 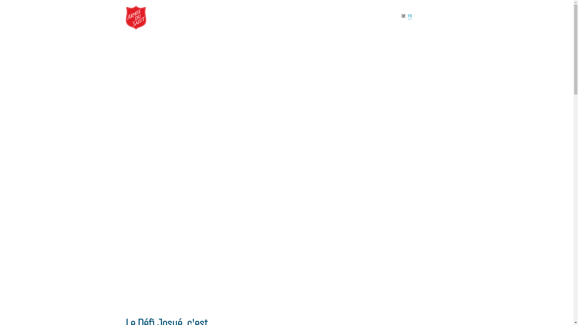 What do you see at coordinates (409, 17) in the screenshot?
I see `'FR'` at bounding box center [409, 17].